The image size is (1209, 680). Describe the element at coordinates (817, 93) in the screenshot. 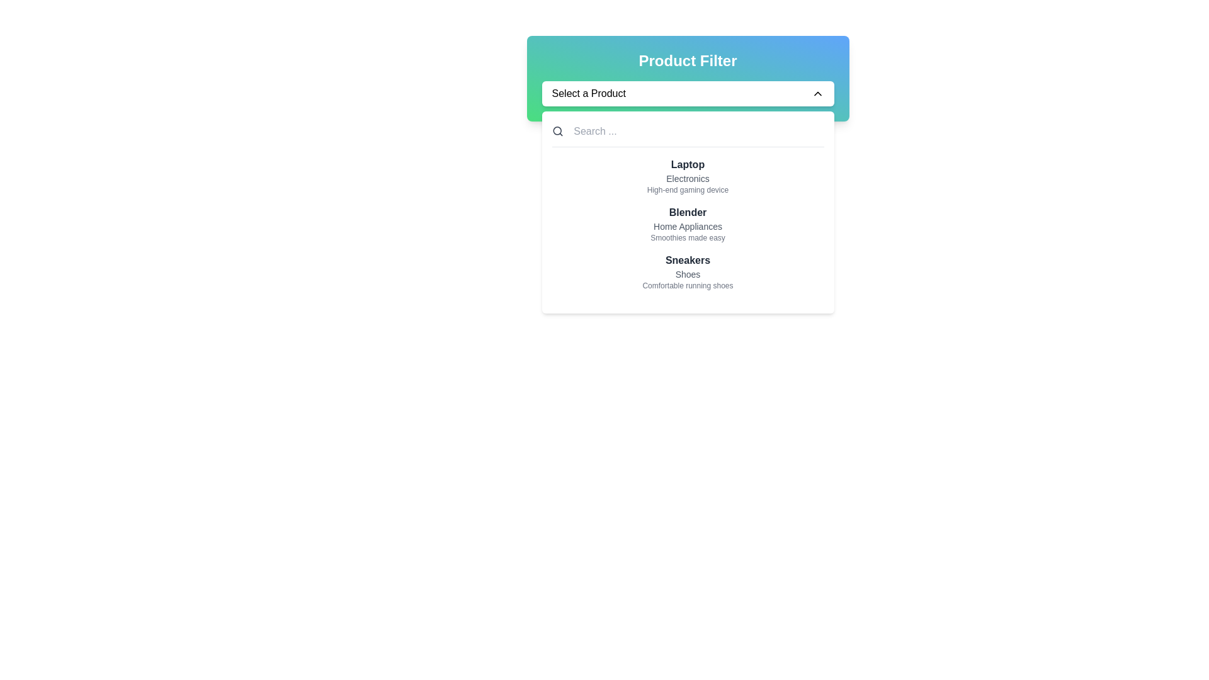

I see `the Chevron-Up icon located at the rightmost part of the 'Select a Product' dropdown bar` at that location.